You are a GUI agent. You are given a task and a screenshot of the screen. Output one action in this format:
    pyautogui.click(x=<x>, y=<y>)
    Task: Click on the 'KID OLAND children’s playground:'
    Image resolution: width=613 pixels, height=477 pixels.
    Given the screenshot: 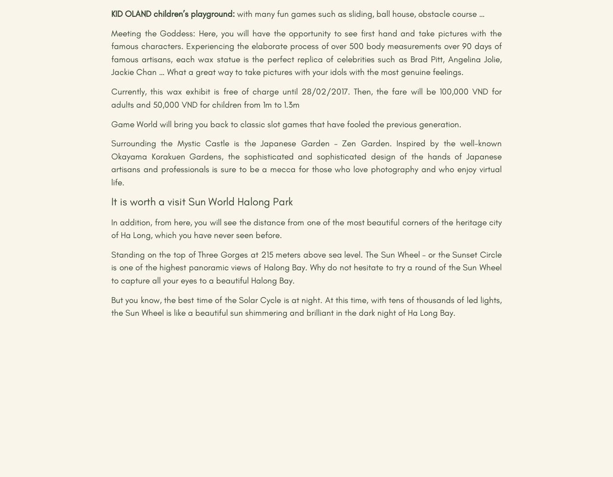 What is the action you would take?
    pyautogui.click(x=173, y=14)
    